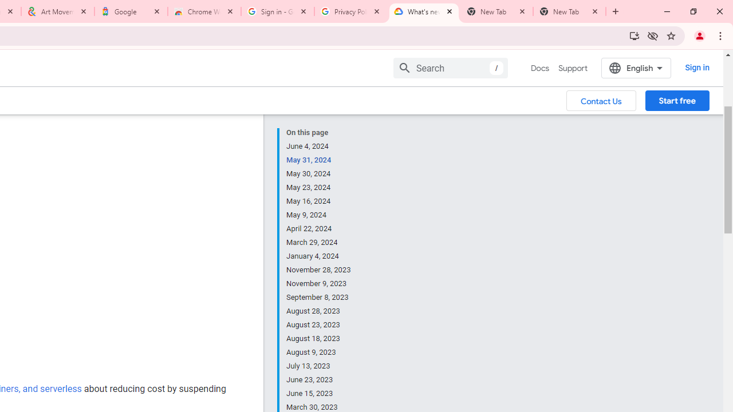 This screenshot has height=412, width=733. What do you see at coordinates (204, 11) in the screenshot?
I see `'Chrome Web Store - Color themes by Chrome'` at bounding box center [204, 11].